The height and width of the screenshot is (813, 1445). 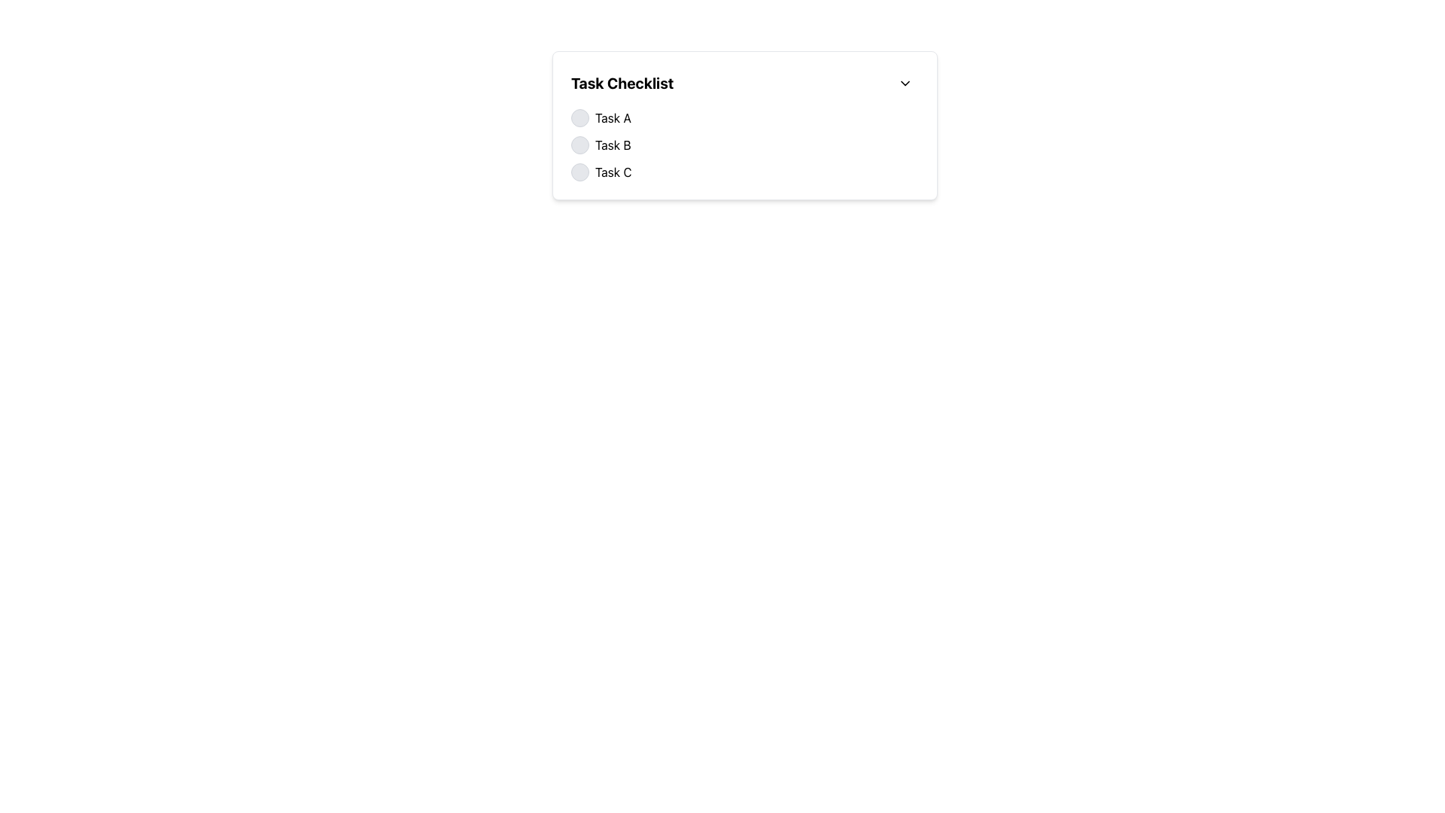 I want to click on the checkbox of the first checklist item in the 'Task Checklist' to mark the task as completed, so click(x=744, y=117).